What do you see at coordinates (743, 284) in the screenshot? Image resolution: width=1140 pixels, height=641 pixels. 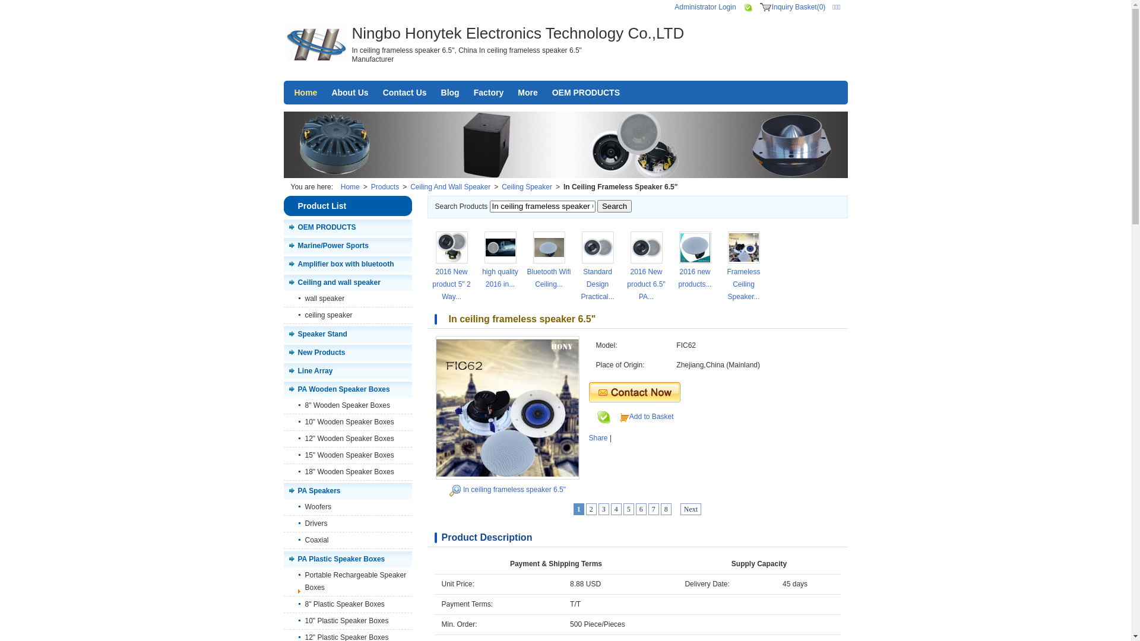 I see `'Frameless Ceiling Speaker...'` at bounding box center [743, 284].